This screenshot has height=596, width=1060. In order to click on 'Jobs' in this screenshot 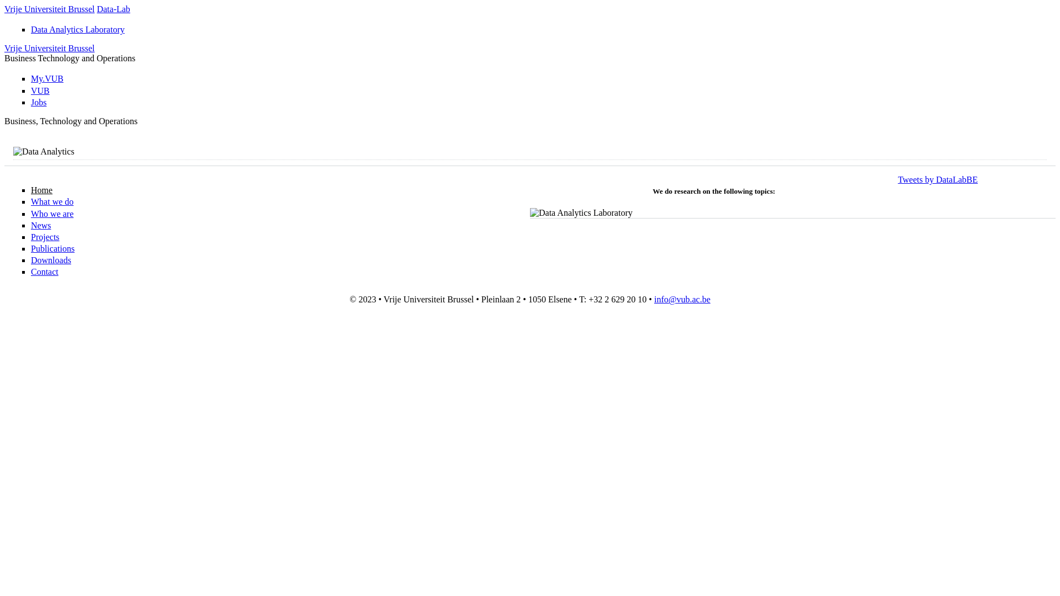, I will do `click(39, 102)`.